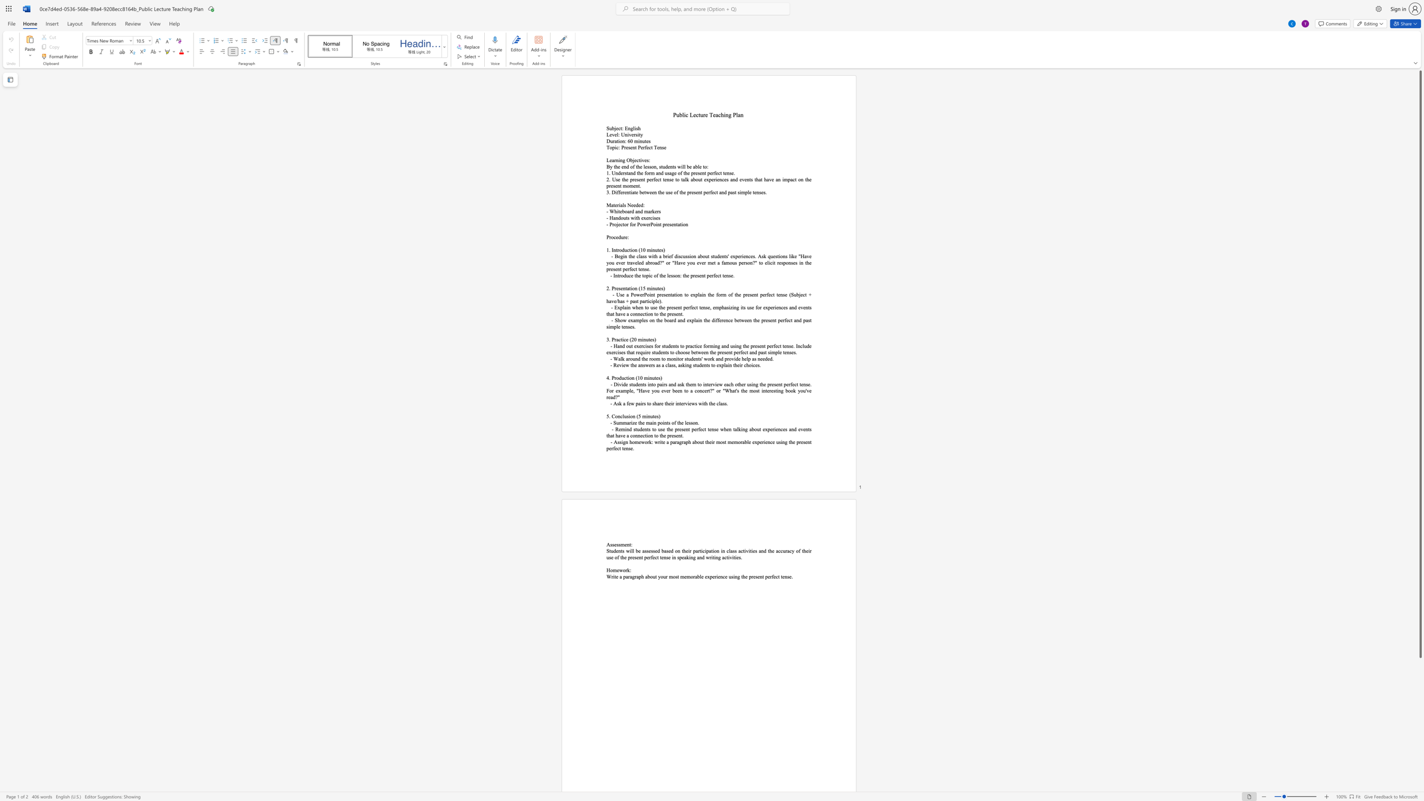 This screenshot has width=1424, height=801. What do you see at coordinates (677, 390) in the screenshot?
I see `the space between the continuous character "e" and "e" in the text` at bounding box center [677, 390].